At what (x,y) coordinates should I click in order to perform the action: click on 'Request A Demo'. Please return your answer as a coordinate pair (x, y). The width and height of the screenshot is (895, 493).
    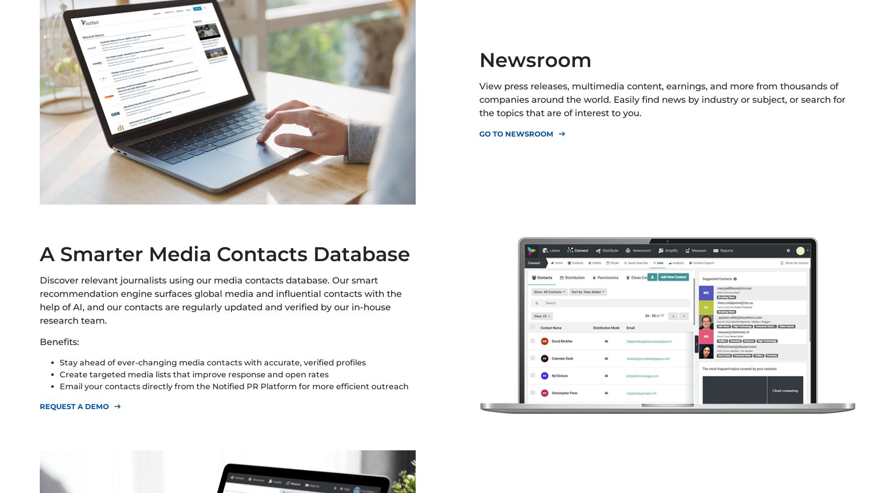
    Looking at the image, I should click on (74, 407).